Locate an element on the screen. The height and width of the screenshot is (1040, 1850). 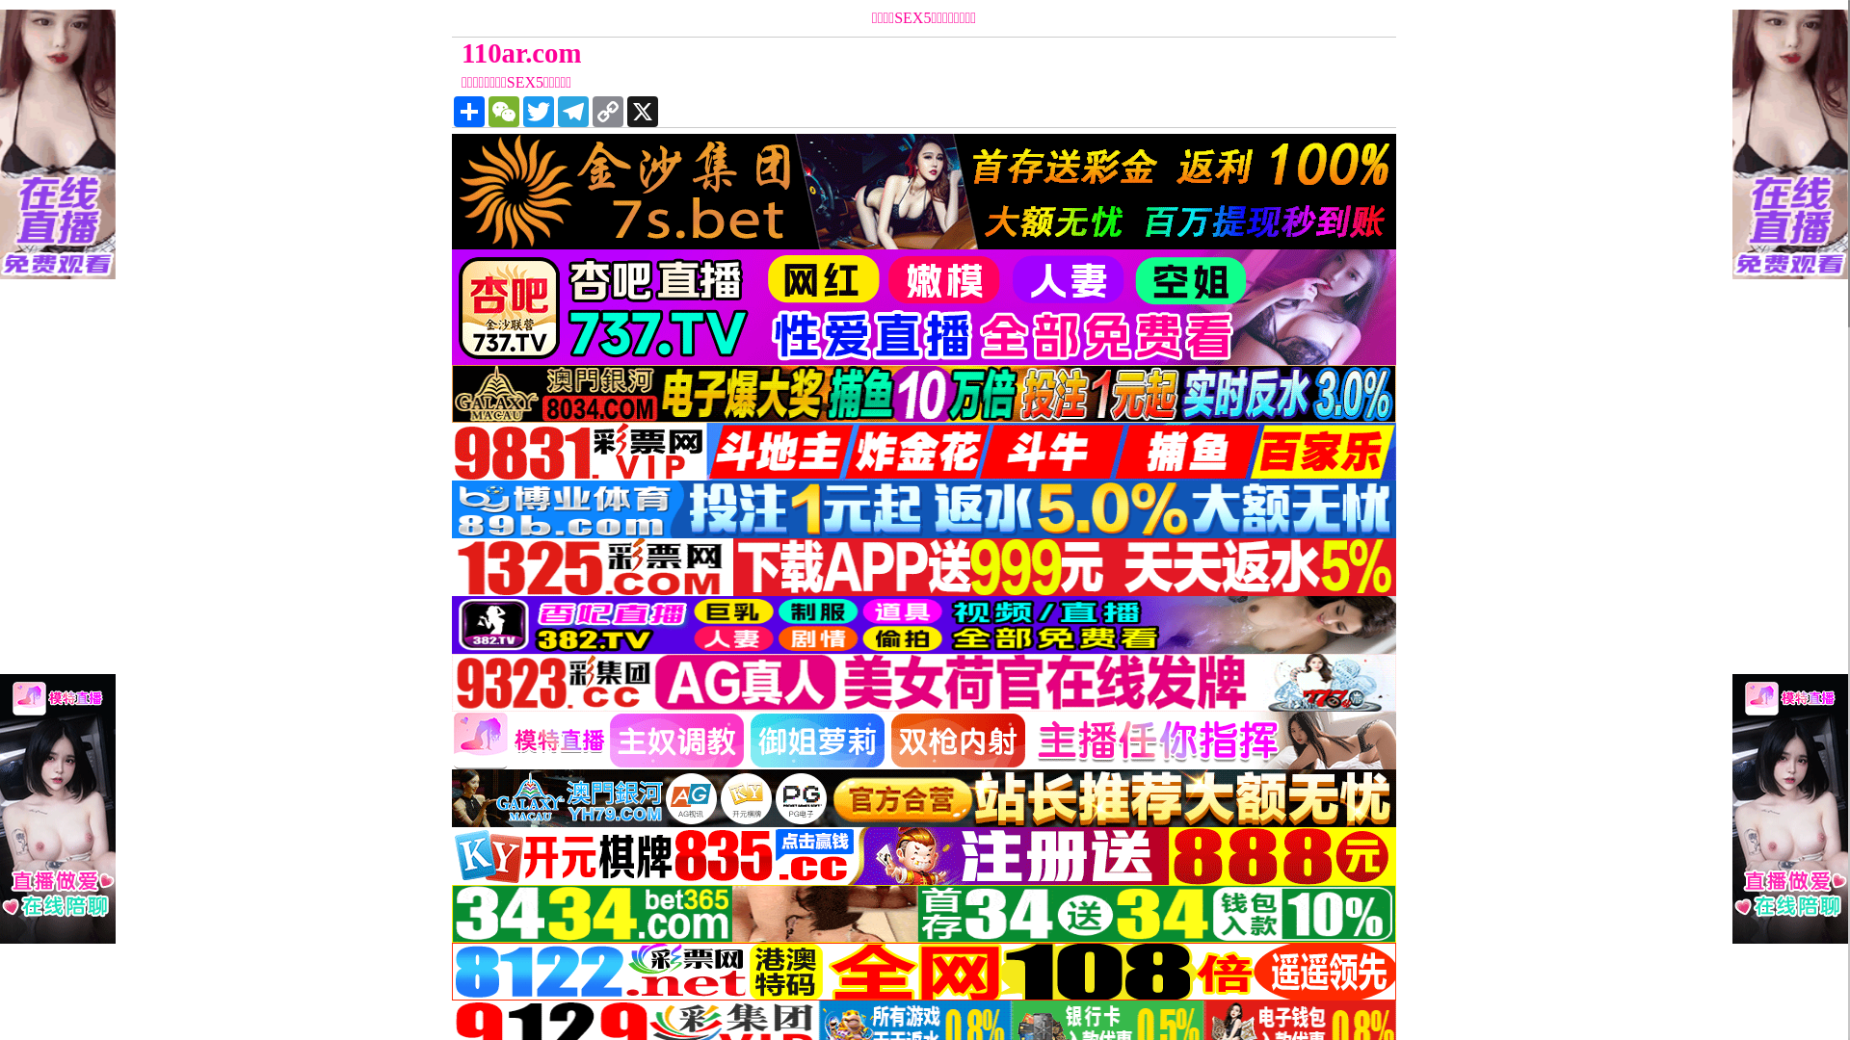
'110ar.com' is located at coordinates (806, 52).